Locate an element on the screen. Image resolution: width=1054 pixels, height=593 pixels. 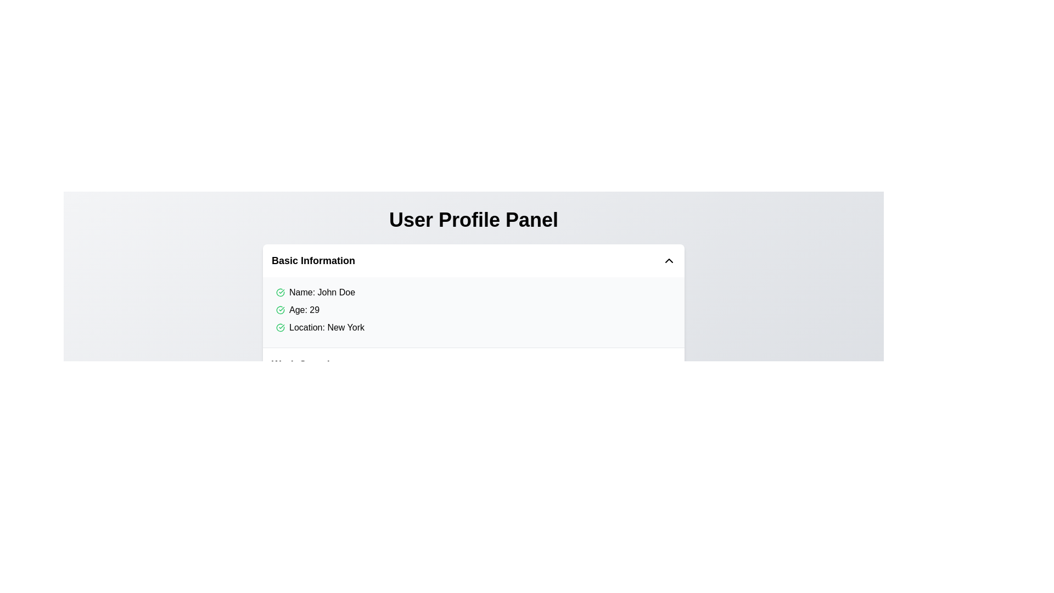
displayed text of the 'Basic Information' label, which is a bold text component located near the top of a collapsible section in the user interface is located at coordinates (313, 260).